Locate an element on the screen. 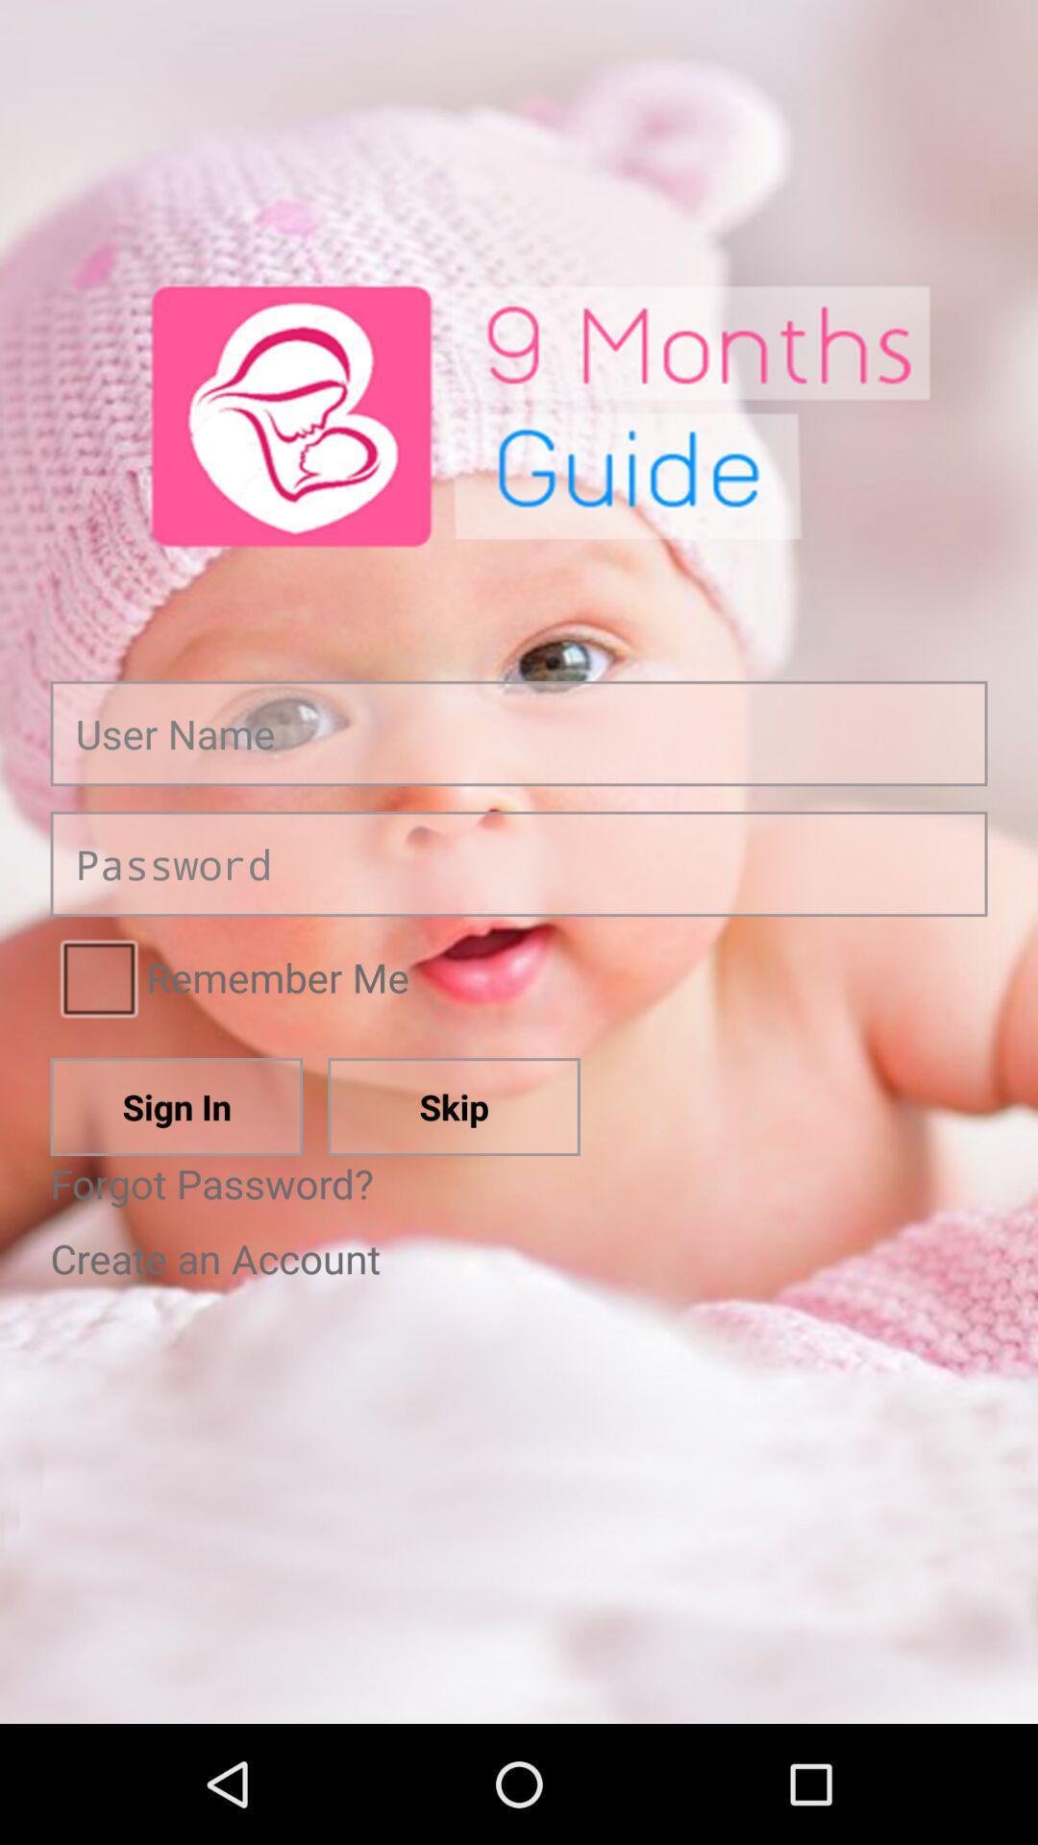 The image size is (1038, 1845). password to given is located at coordinates (519, 863).